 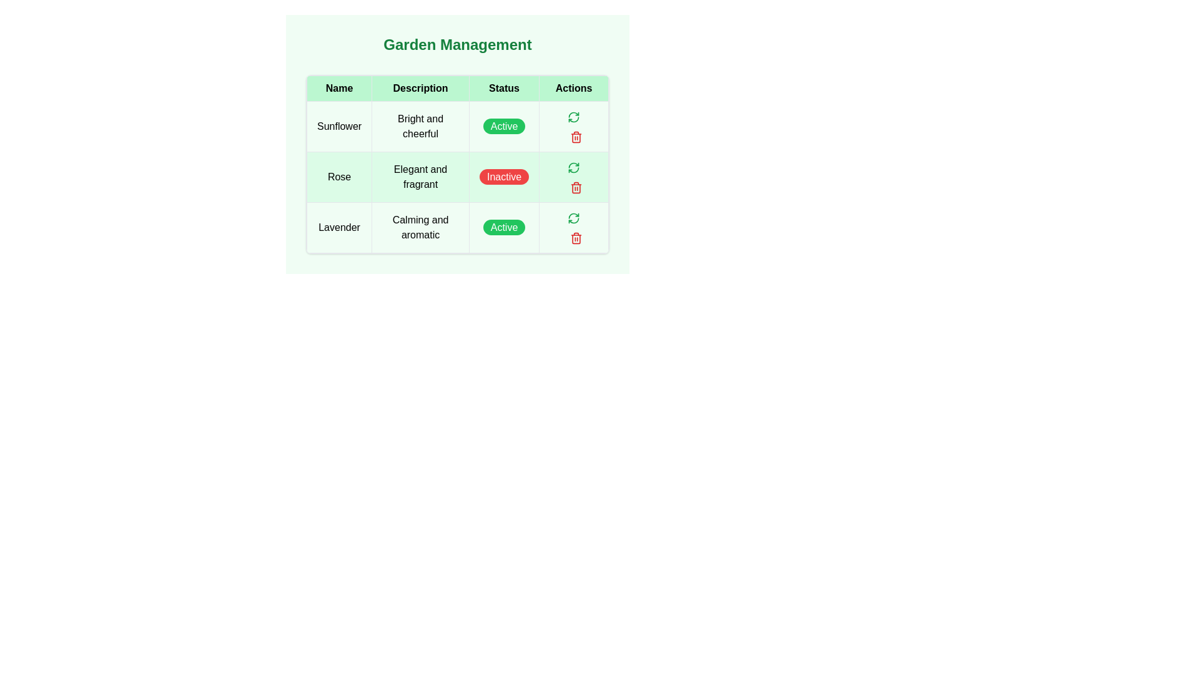 What do you see at coordinates (573, 217) in the screenshot?
I see `the refresh/retry icon located in the Actions column of the second row for the item 'Rose'` at bounding box center [573, 217].